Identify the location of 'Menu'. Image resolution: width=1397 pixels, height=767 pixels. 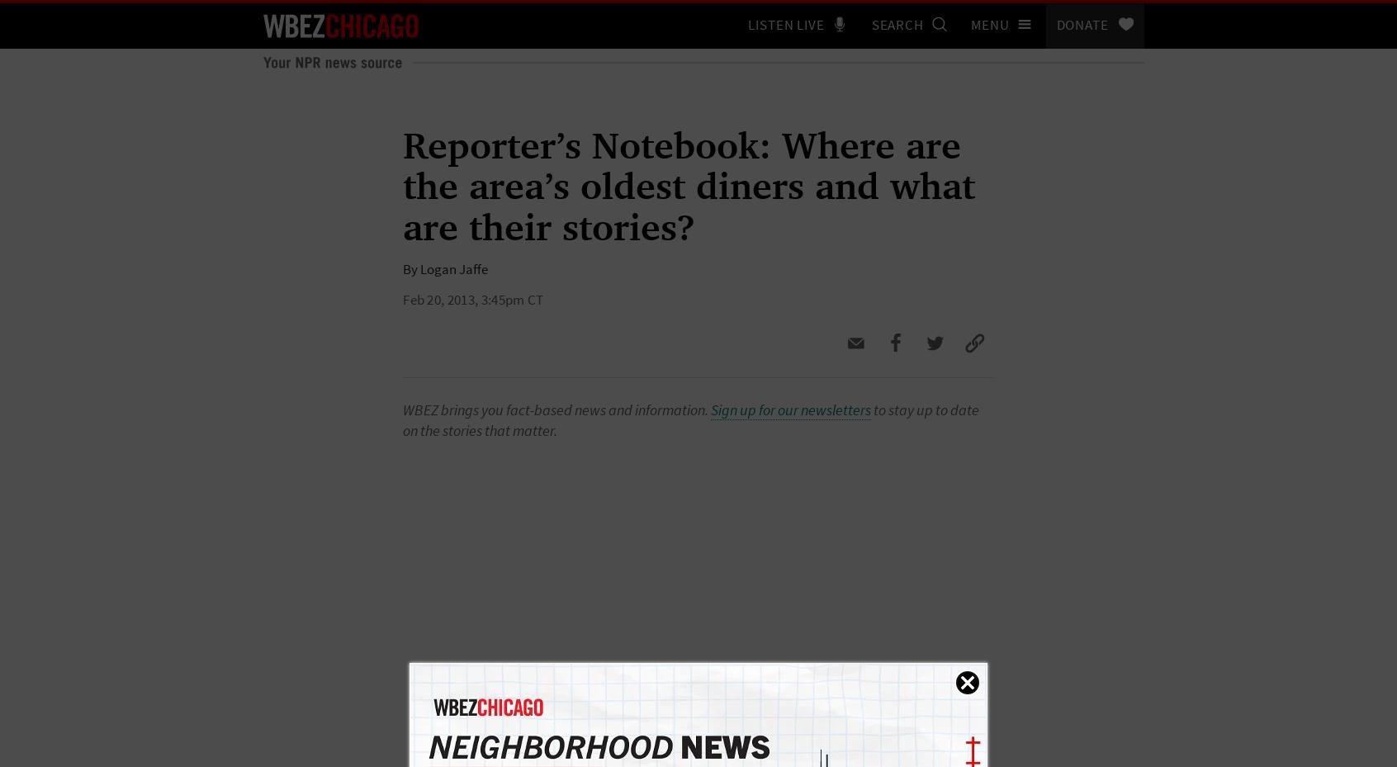
(988, 24).